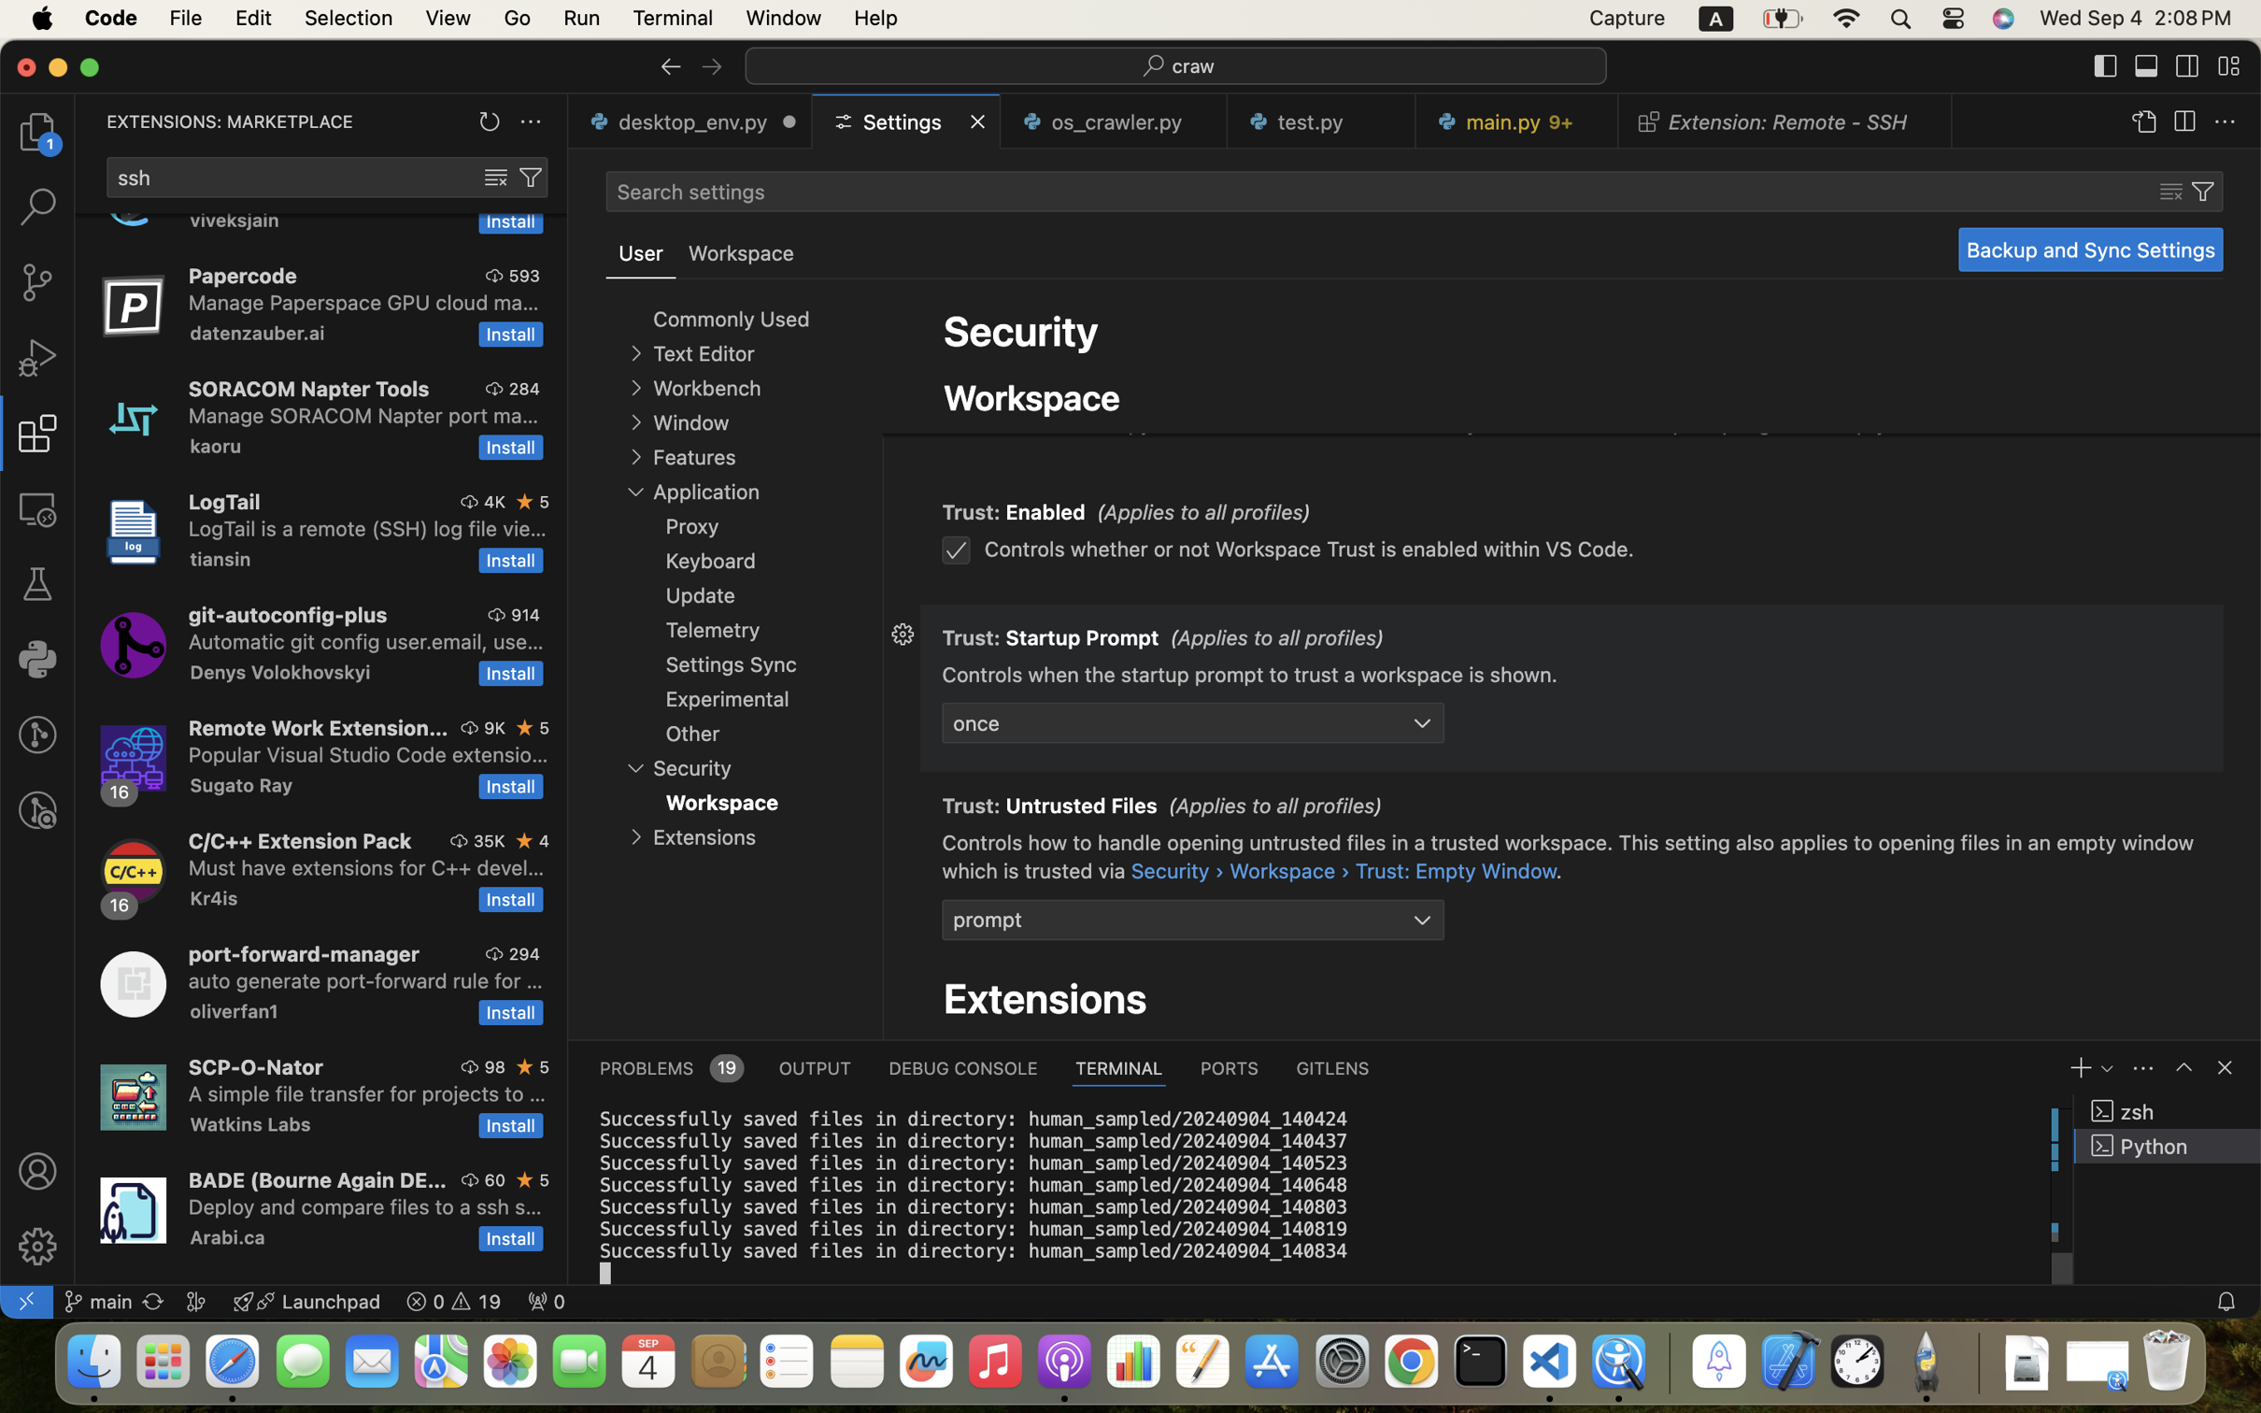 This screenshot has width=2261, height=1413. Describe the element at coordinates (494, 501) in the screenshot. I see `'4K'` at that location.